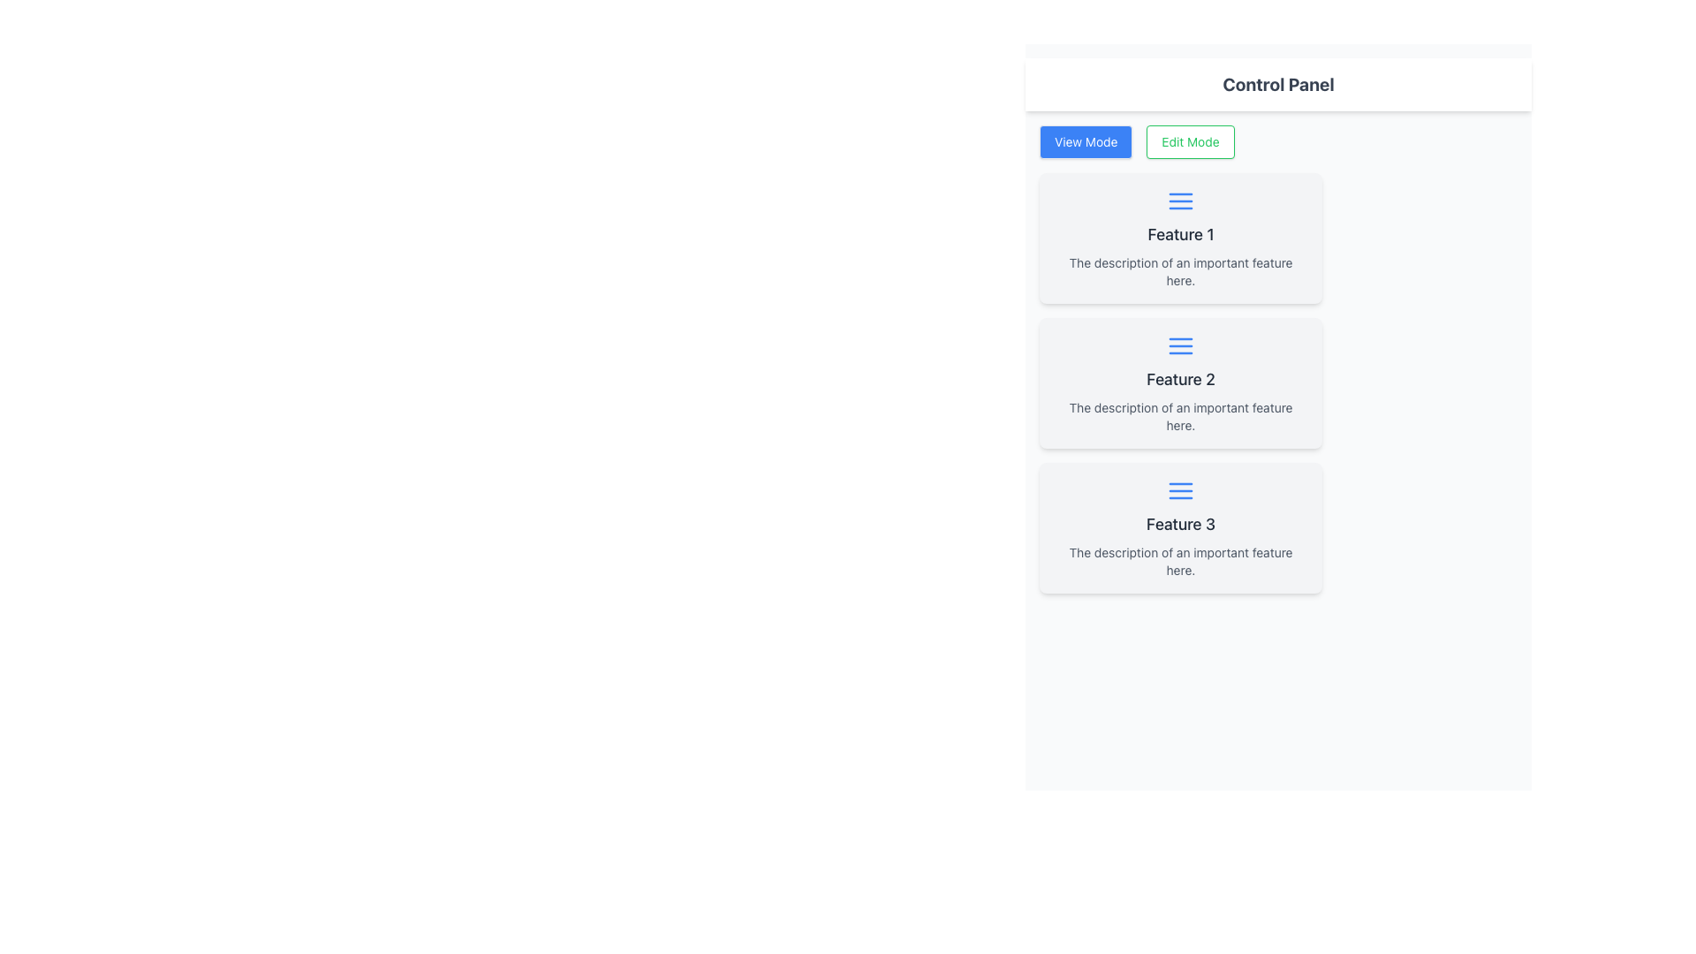 The height and width of the screenshot is (954, 1696). What do you see at coordinates (1181, 378) in the screenshot?
I see `the text element displaying 'Feature 2', which is styled in a large, bold font and located in a card-like structure below an icon and above descriptive text` at bounding box center [1181, 378].